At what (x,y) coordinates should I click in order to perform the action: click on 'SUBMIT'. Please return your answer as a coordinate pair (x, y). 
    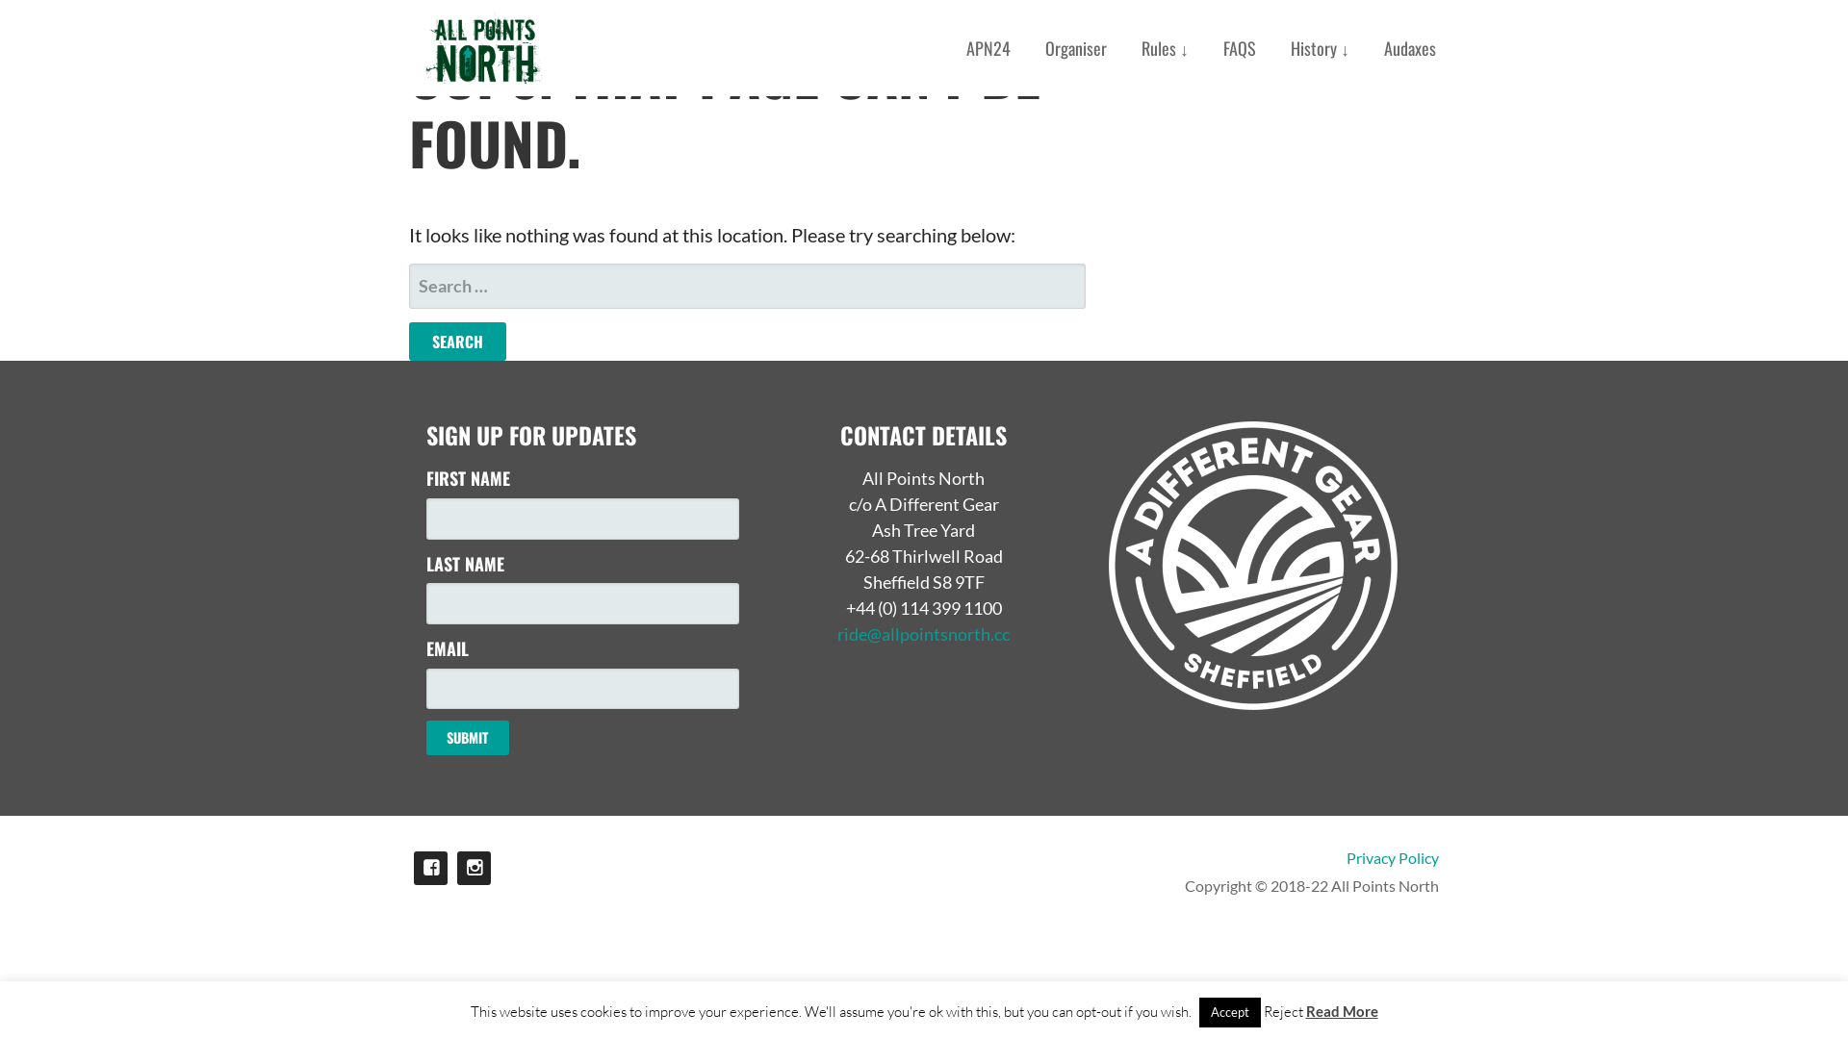
    Looking at the image, I should click on (467, 737).